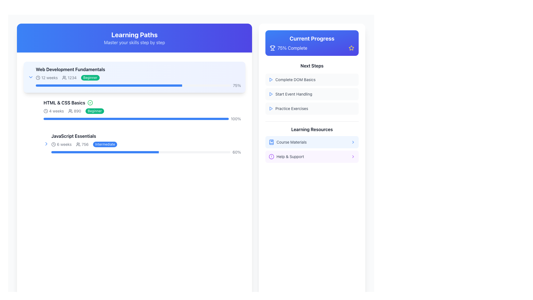  What do you see at coordinates (286, 156) in the screenshot?
I see `the 'Help & Support' clickable text label with an icon` at bounding box center [286, 156].